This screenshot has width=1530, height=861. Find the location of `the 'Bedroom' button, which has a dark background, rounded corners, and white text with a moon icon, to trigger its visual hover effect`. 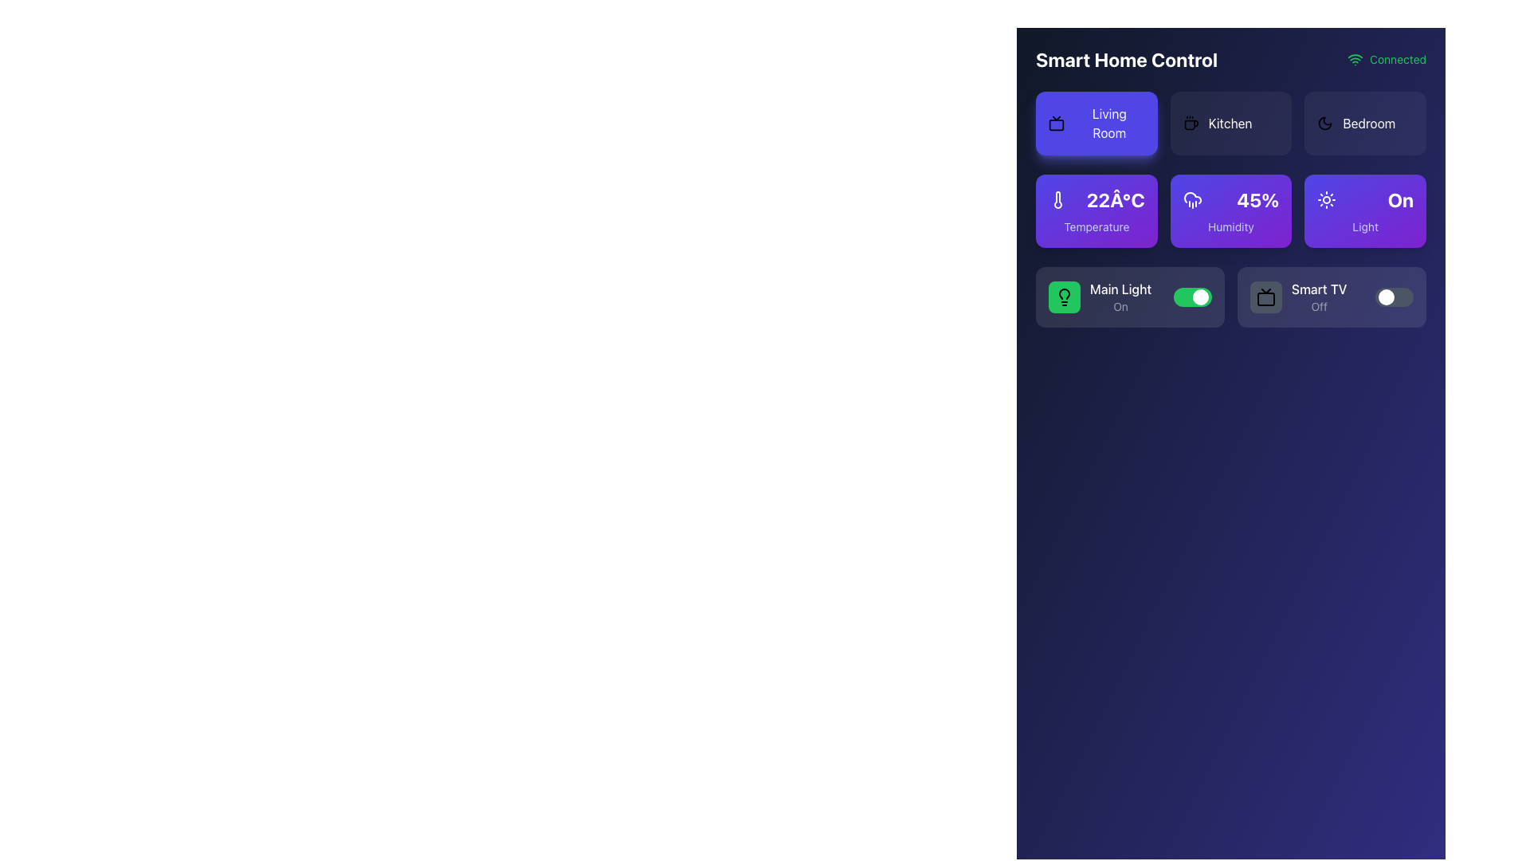

the 'Bedroom' button, which has a dark background, rounded corners, and white text with a moon icon, to trigger its visual hover effect is located at coordinates (1364, 122).